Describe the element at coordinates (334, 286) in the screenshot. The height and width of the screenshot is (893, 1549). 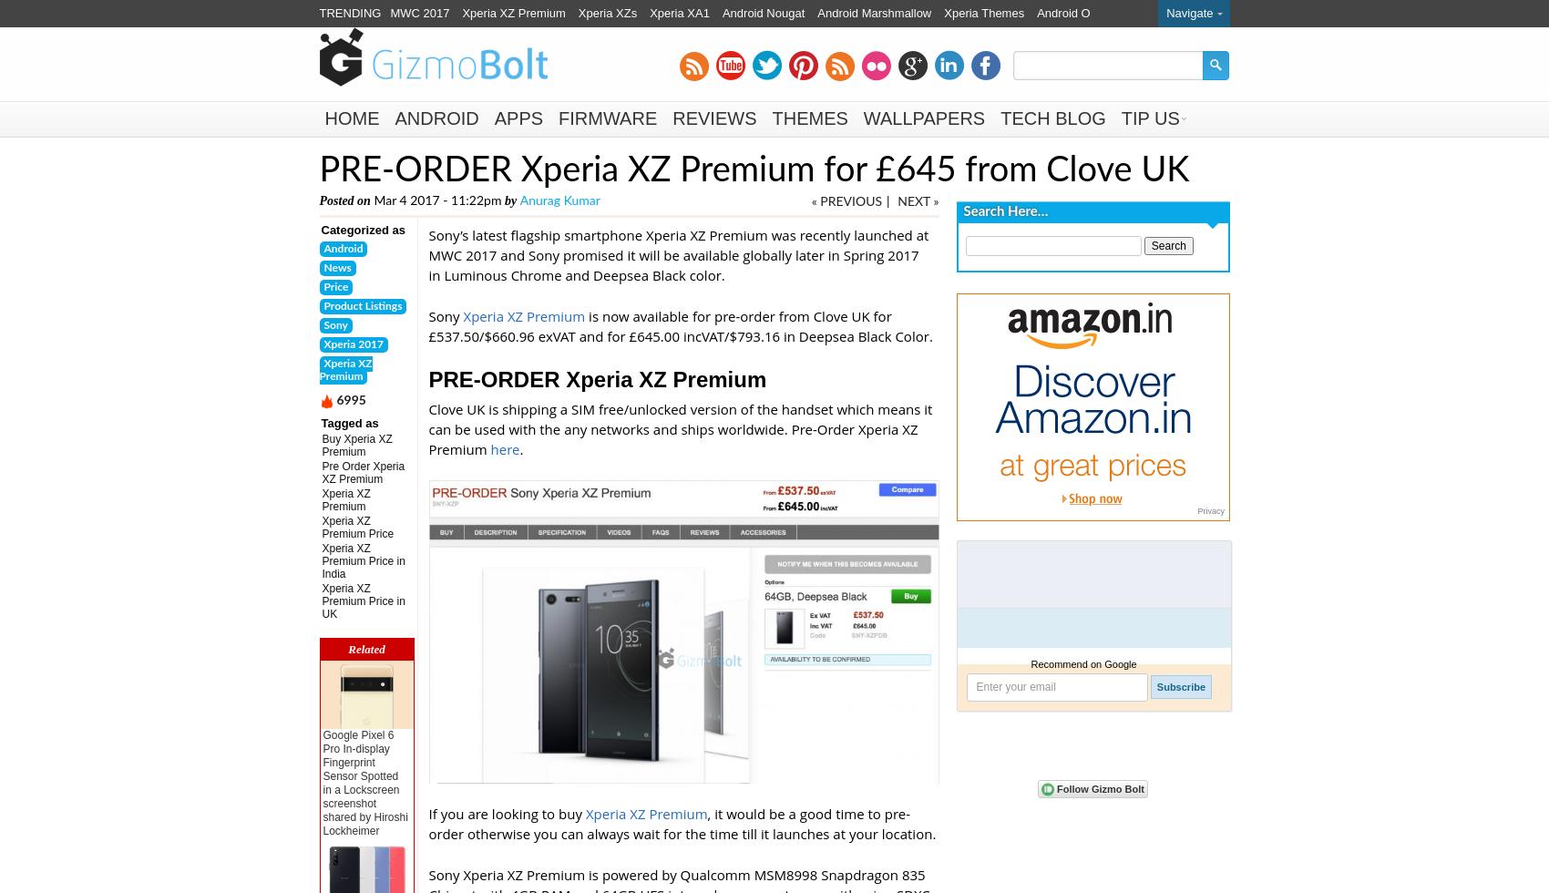
I see `'Price'` at that location.